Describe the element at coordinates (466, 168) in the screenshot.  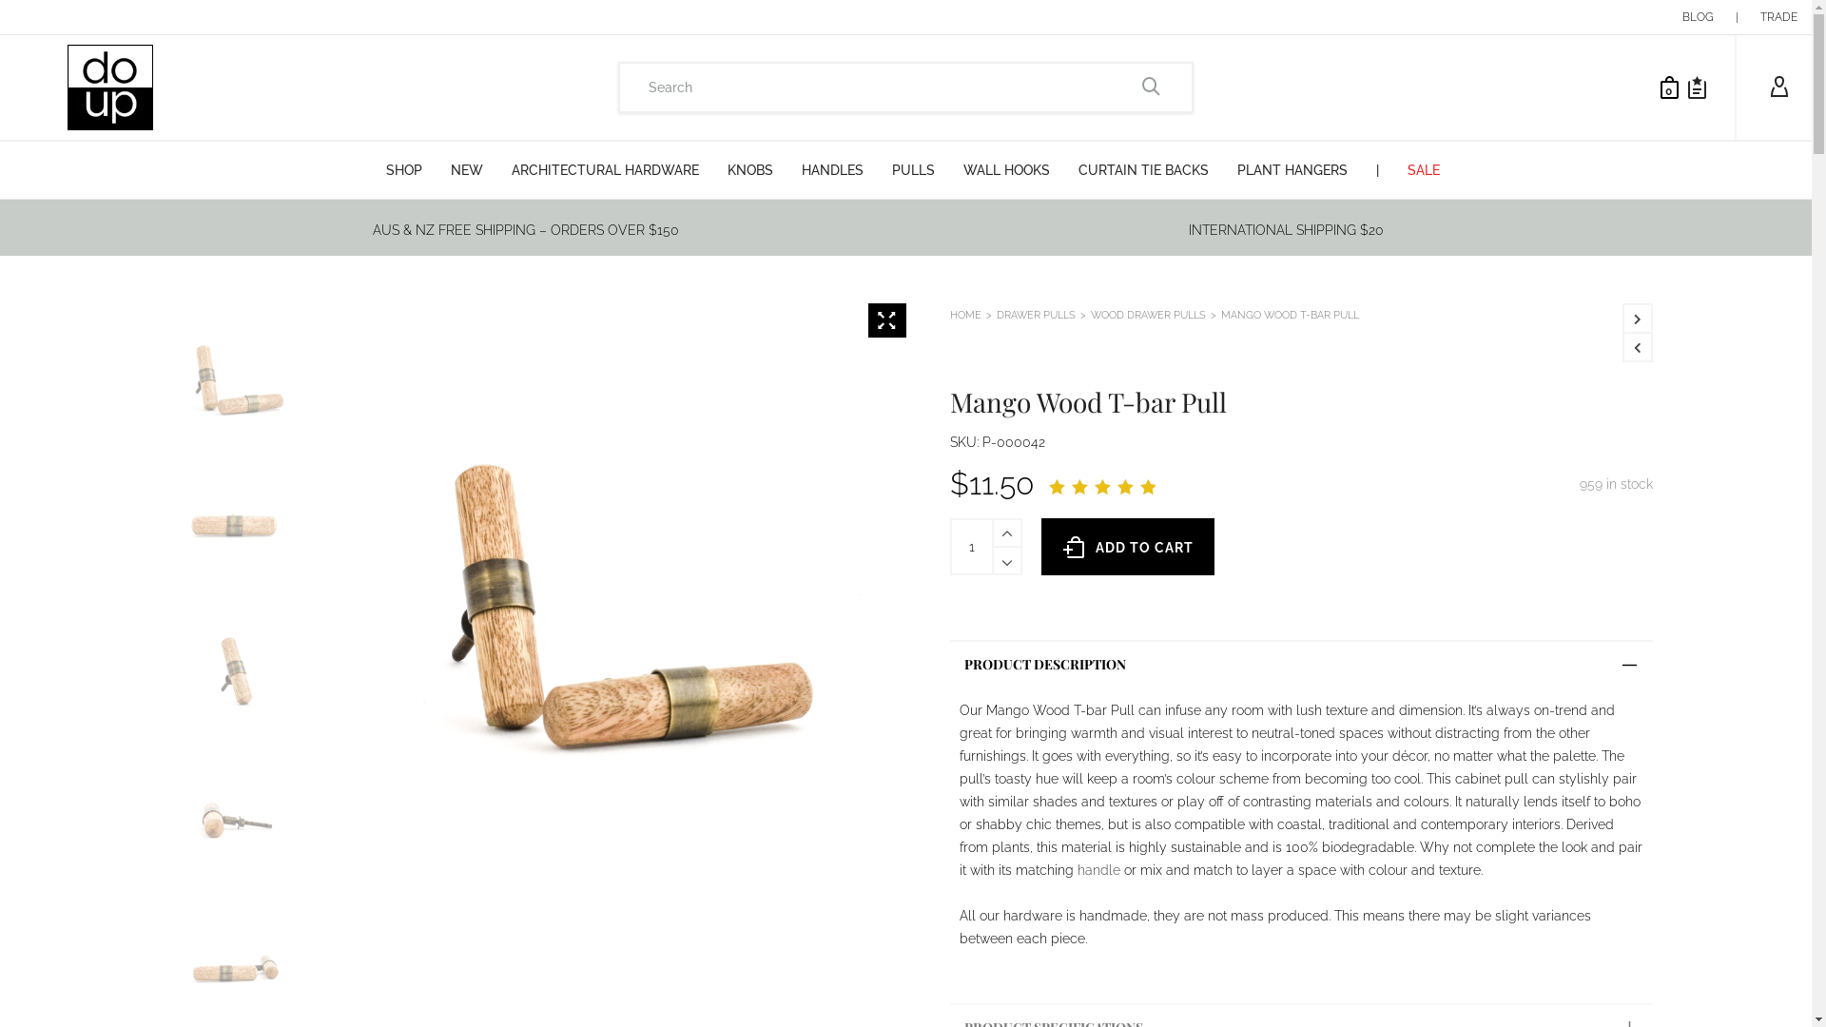
I see `'NEW'` at that location.